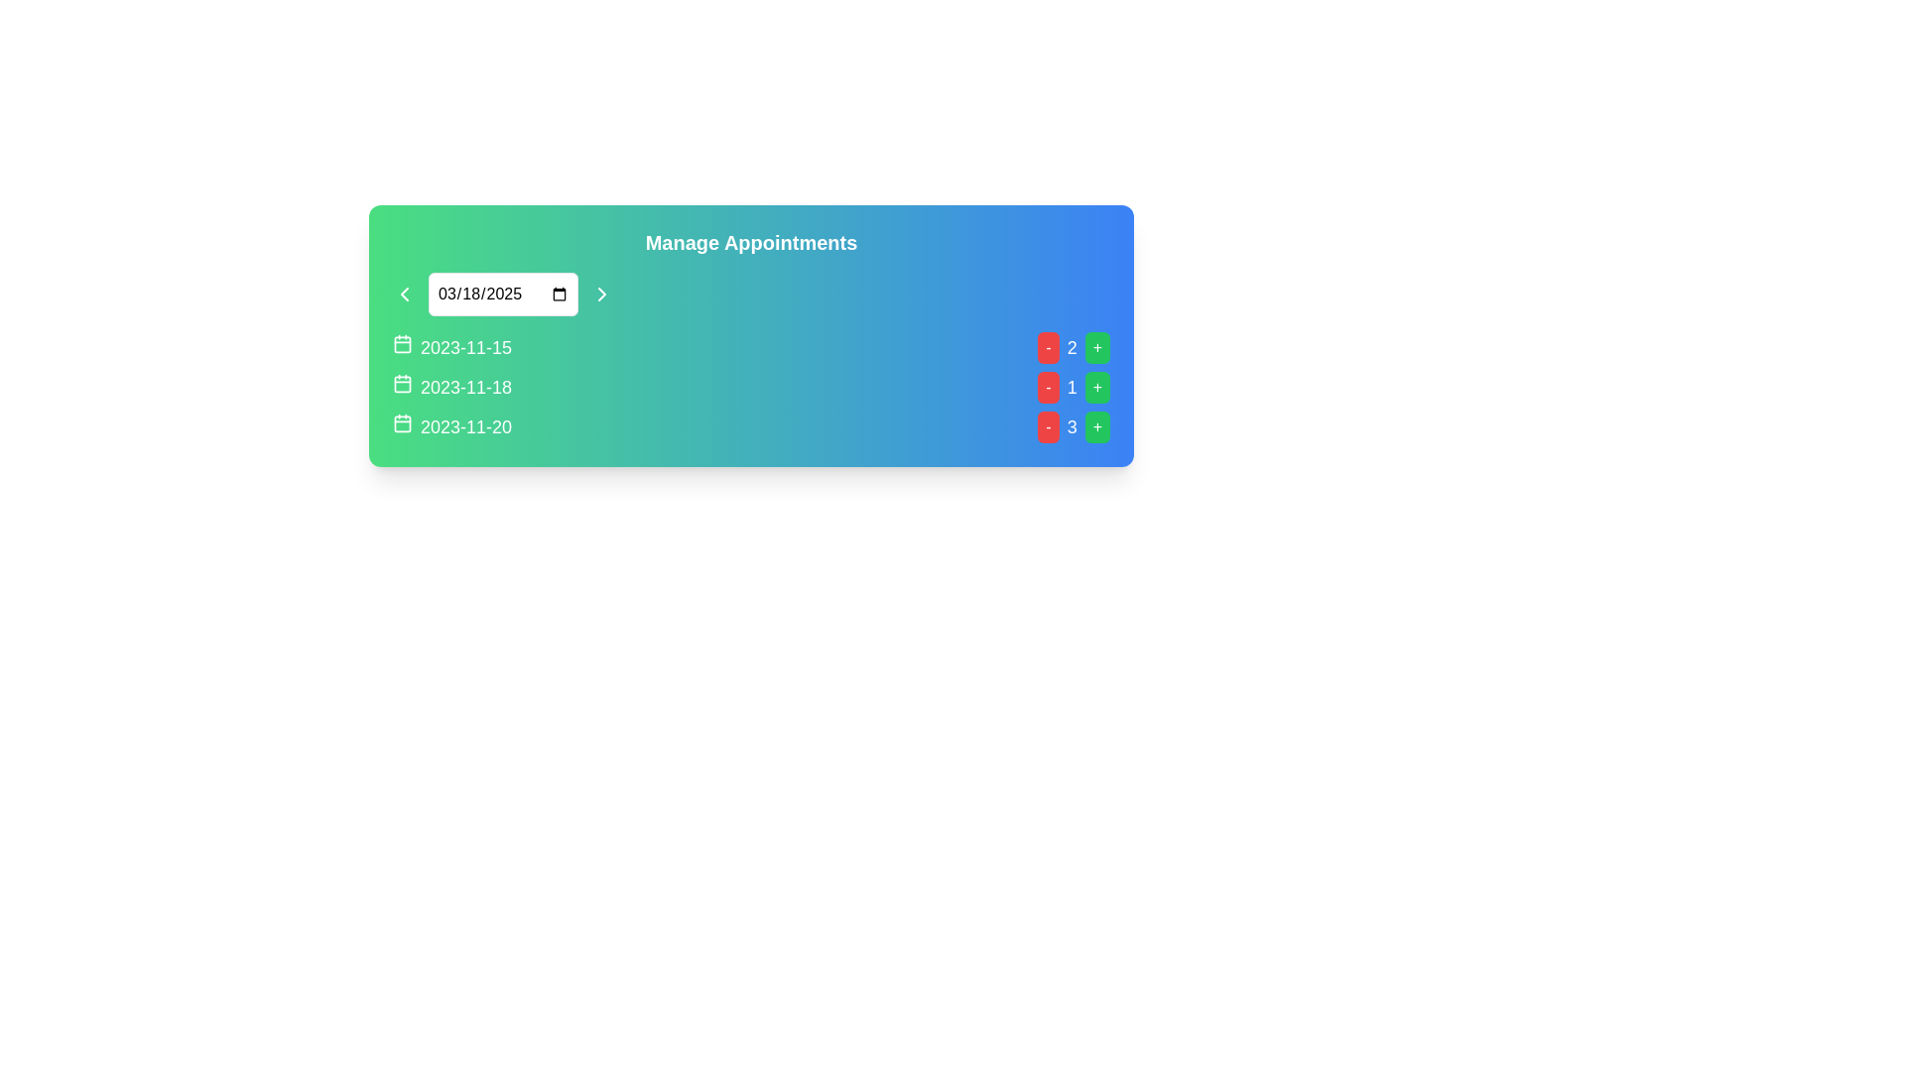 The image size is (1905, 1071). I want to click on the static numeric text '1' displayed on a blue rectangle background, which is positioned between a red '-' button and a green '+' button, so click(1071, 387).